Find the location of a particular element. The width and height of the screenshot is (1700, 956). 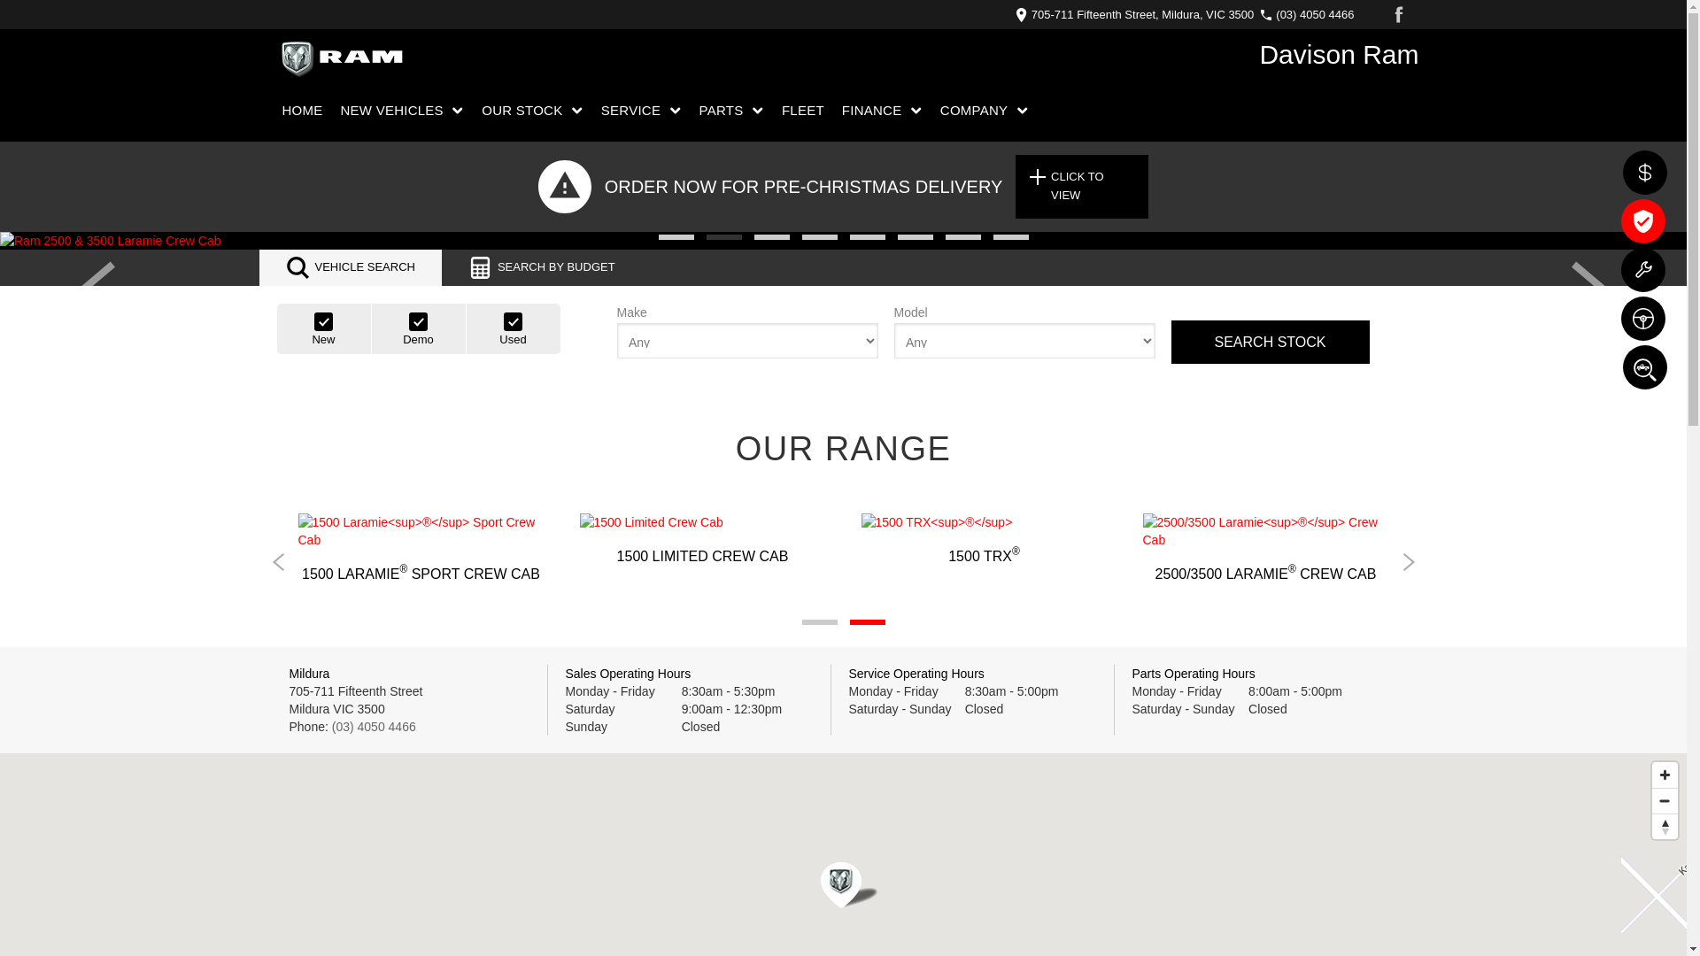

'NEW VEHICLES' is located at coordinates (402, 110).